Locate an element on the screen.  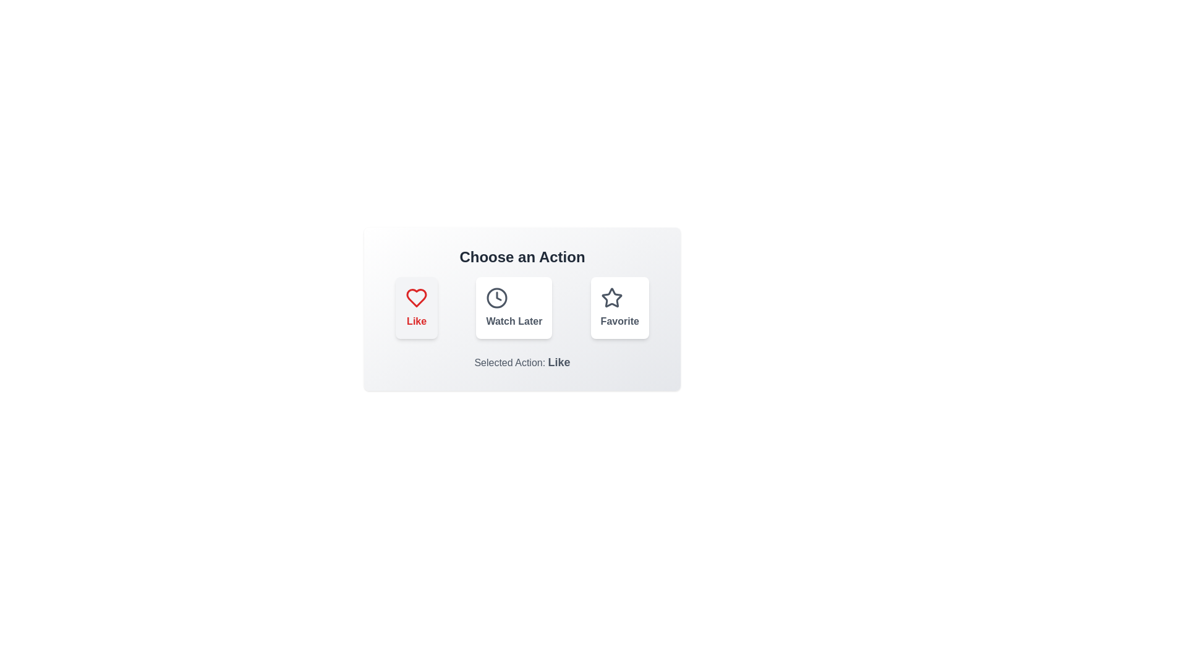
the 'Like' button to toggle its state is located at coordinates (417, 307).